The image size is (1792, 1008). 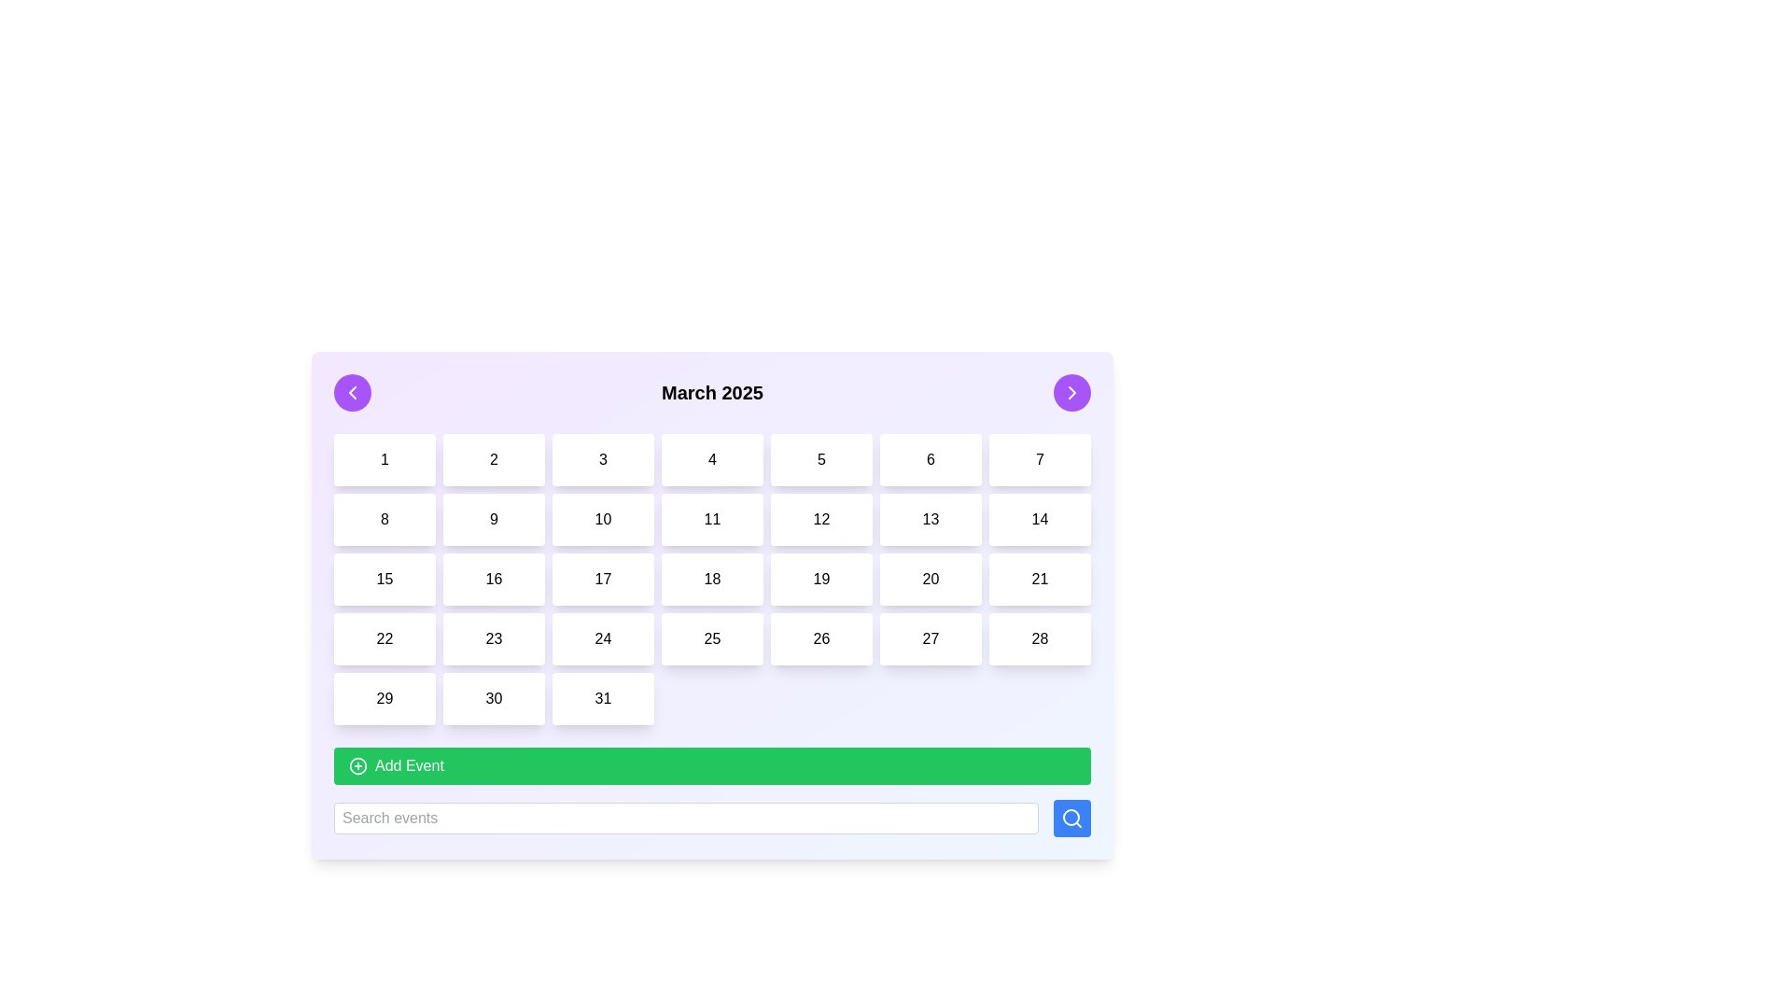 I want to click on the Date Tile representing the 5th day of the month in the calendar interface, which is centrally located in the upper portion of the layout, so click(x=821, y=460).